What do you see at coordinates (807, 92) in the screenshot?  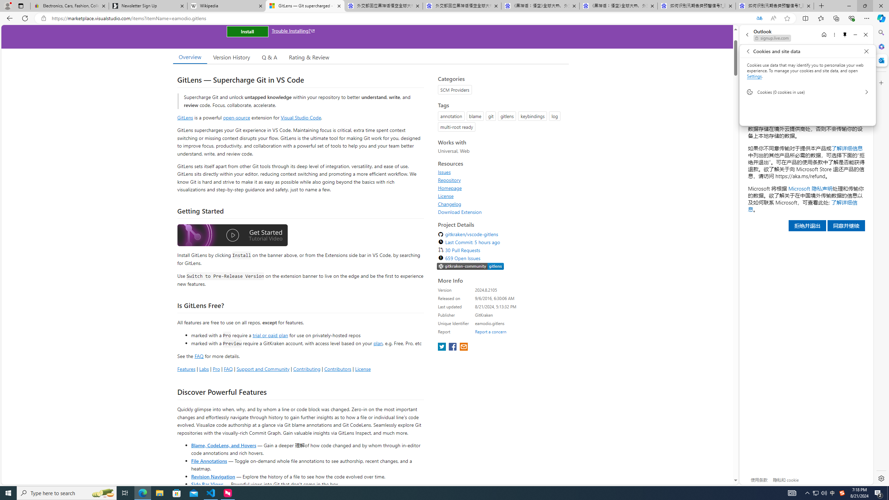 I see `'Cookies (0 cookies in use)'` at bounding box center [807, 92].